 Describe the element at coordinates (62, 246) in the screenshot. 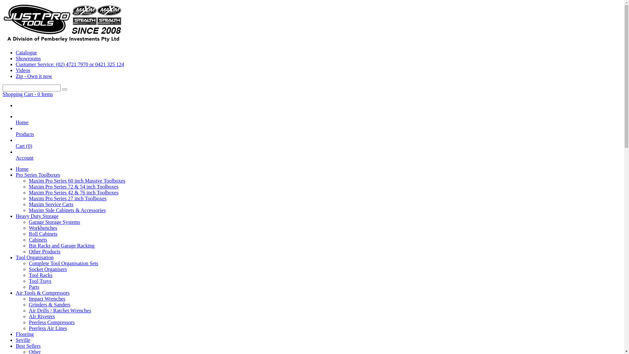

I see `'Bin Racks and Garage Racking'` at that location.